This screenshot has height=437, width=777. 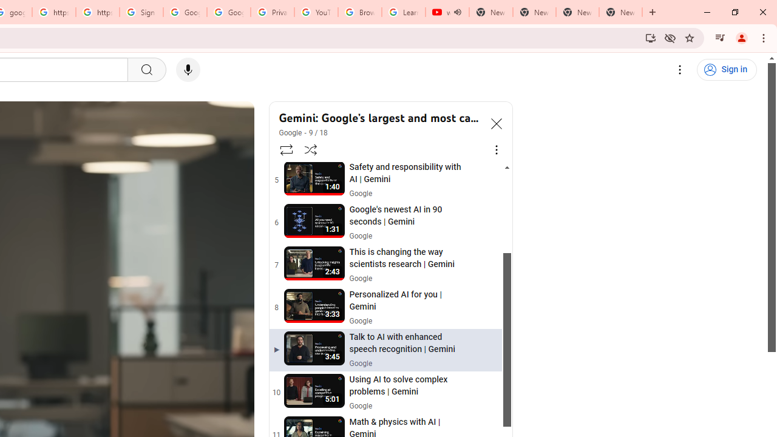 What do you see at coordinates (187, 70) in the screenshot?
I see `'Search with your voice'` at bounding box center [187, 70].